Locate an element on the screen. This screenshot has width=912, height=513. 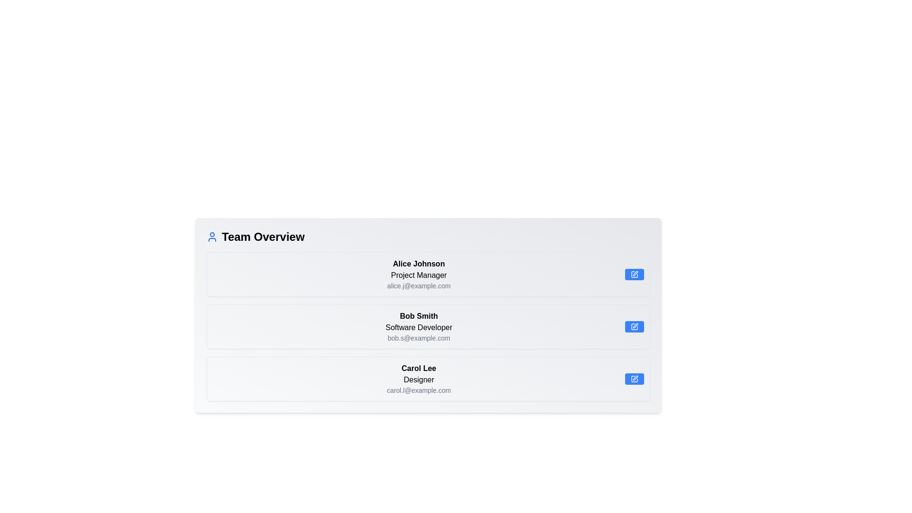
the Information card displaying 'Carol Lee', which is the third card is located at coordinates (428, 379).